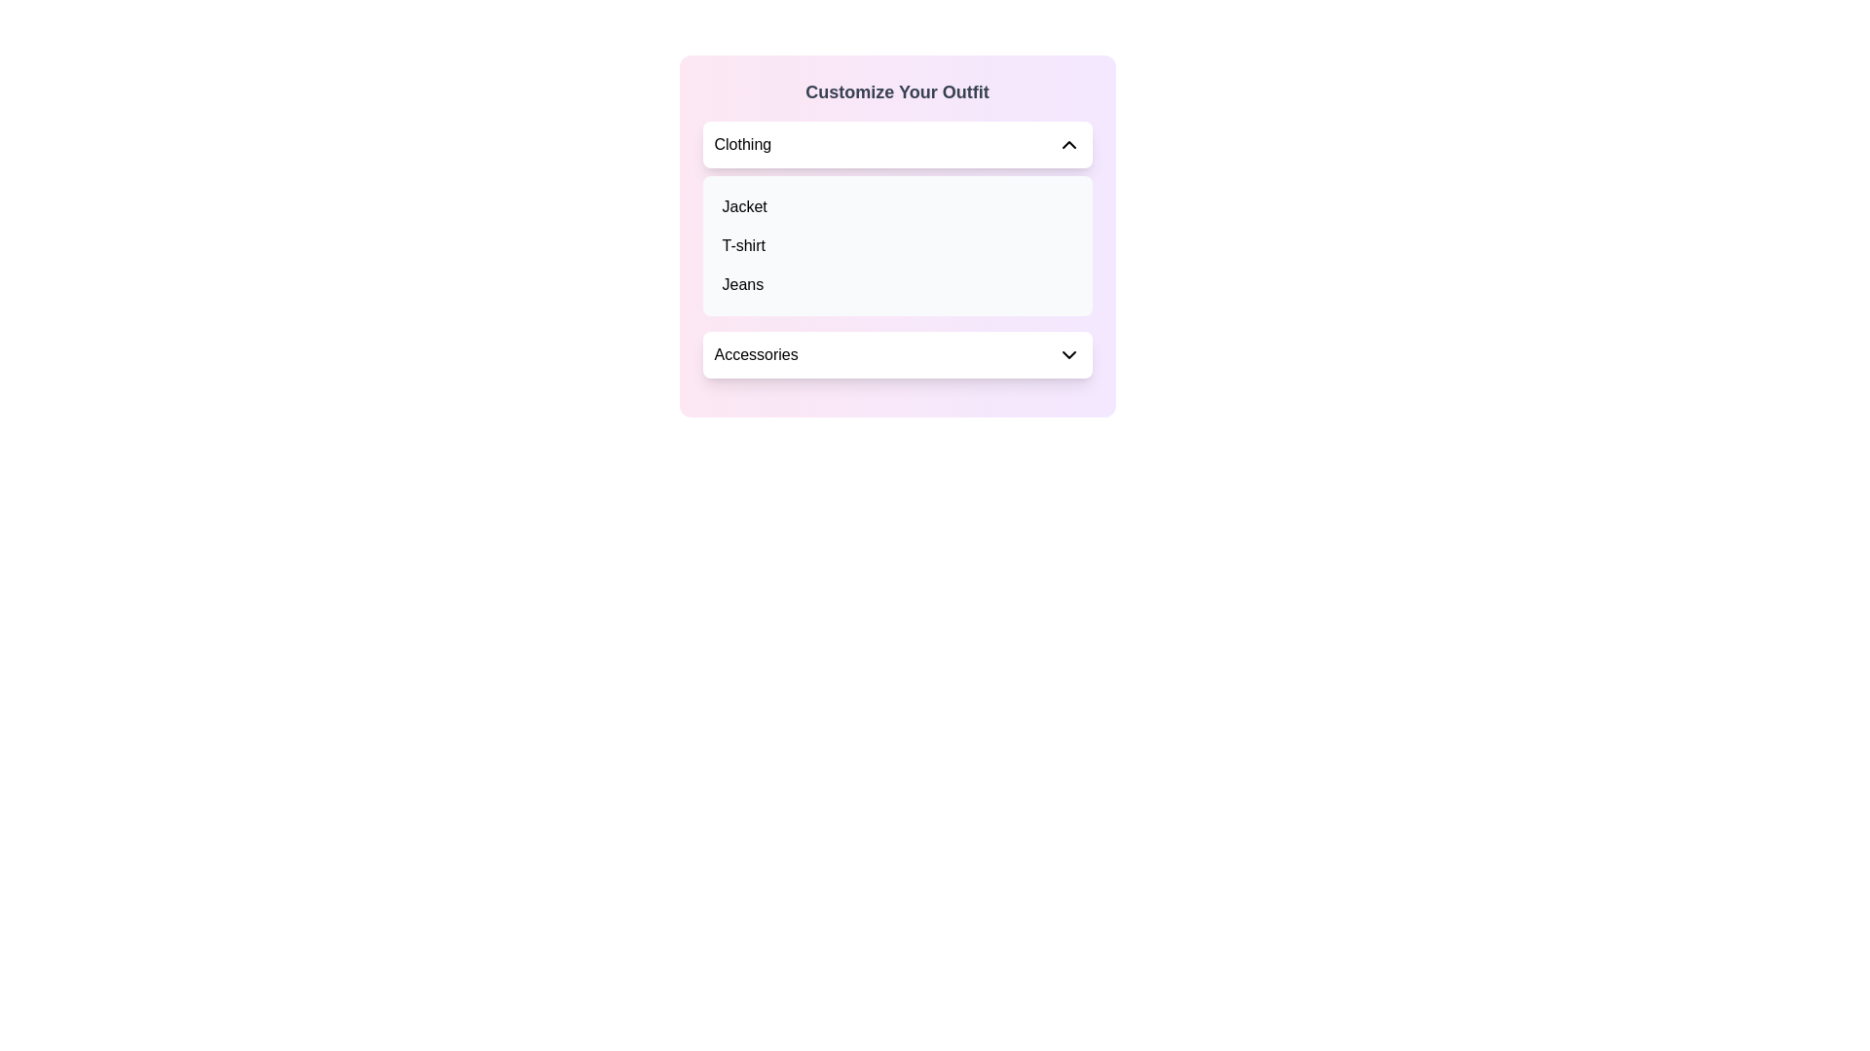  What do you see at coordinates (742, 245) in the screenshot?
I see `the 'T-shirt' text label in the clothing options menu` at bounding box center [742, 245].